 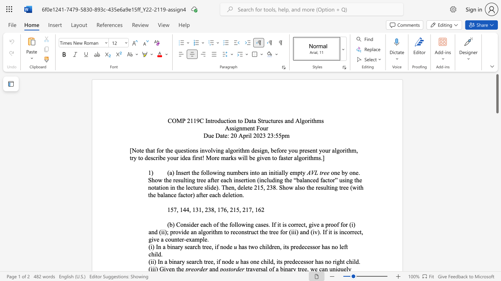 I want to click on the 2th character "s" in the text, so click(x=323, y=121).